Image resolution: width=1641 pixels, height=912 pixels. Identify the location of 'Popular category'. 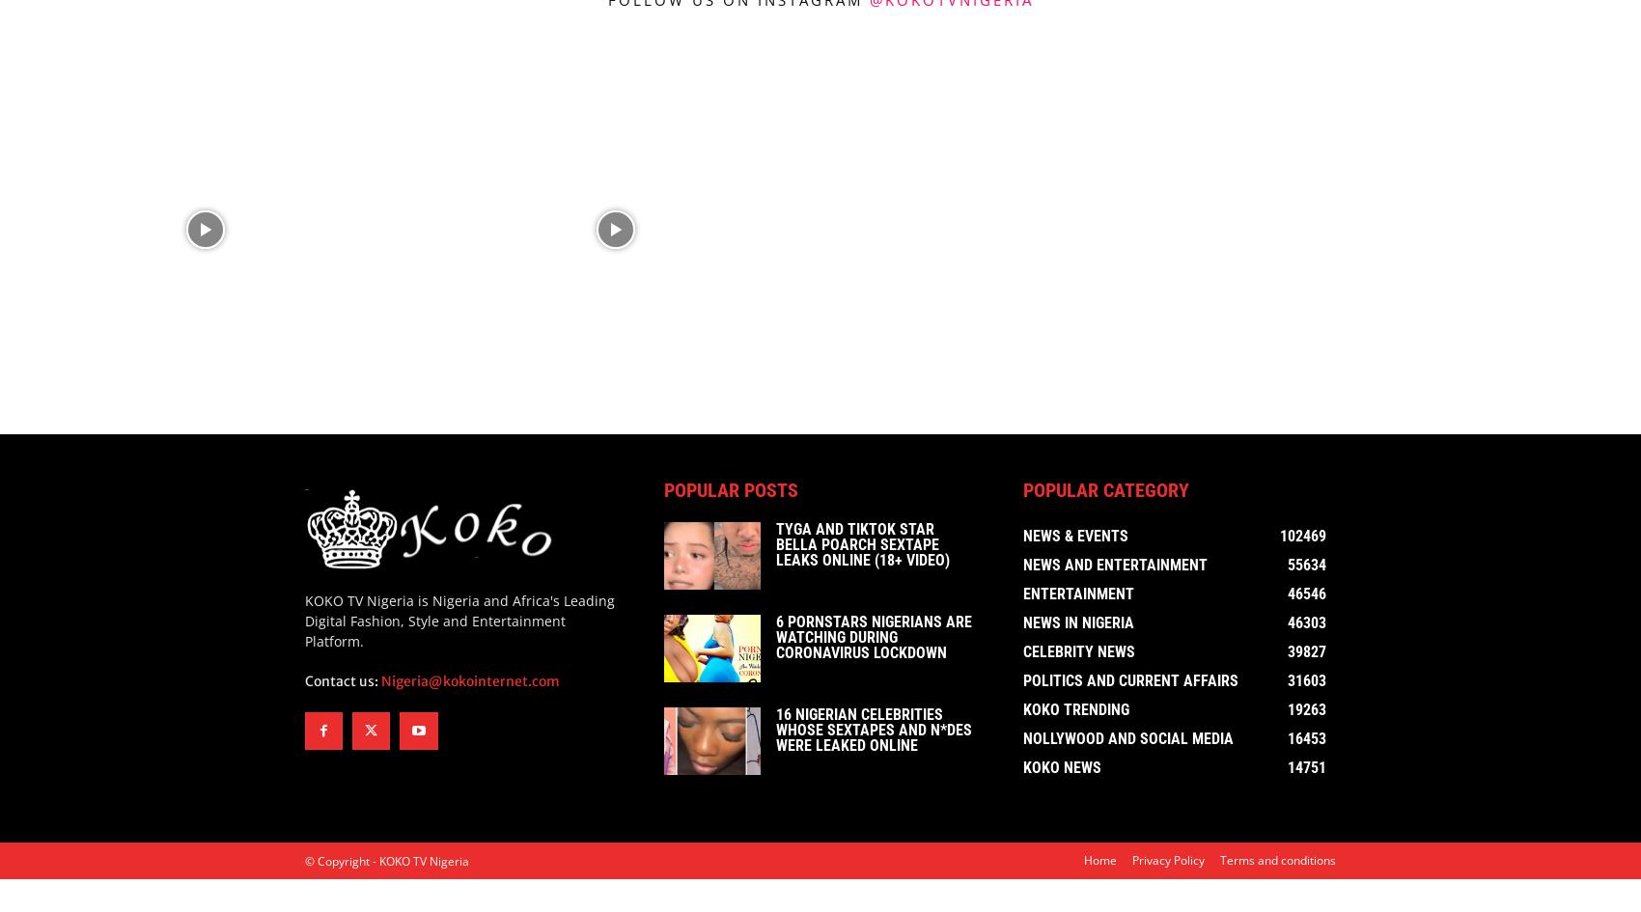
(1105, 493).